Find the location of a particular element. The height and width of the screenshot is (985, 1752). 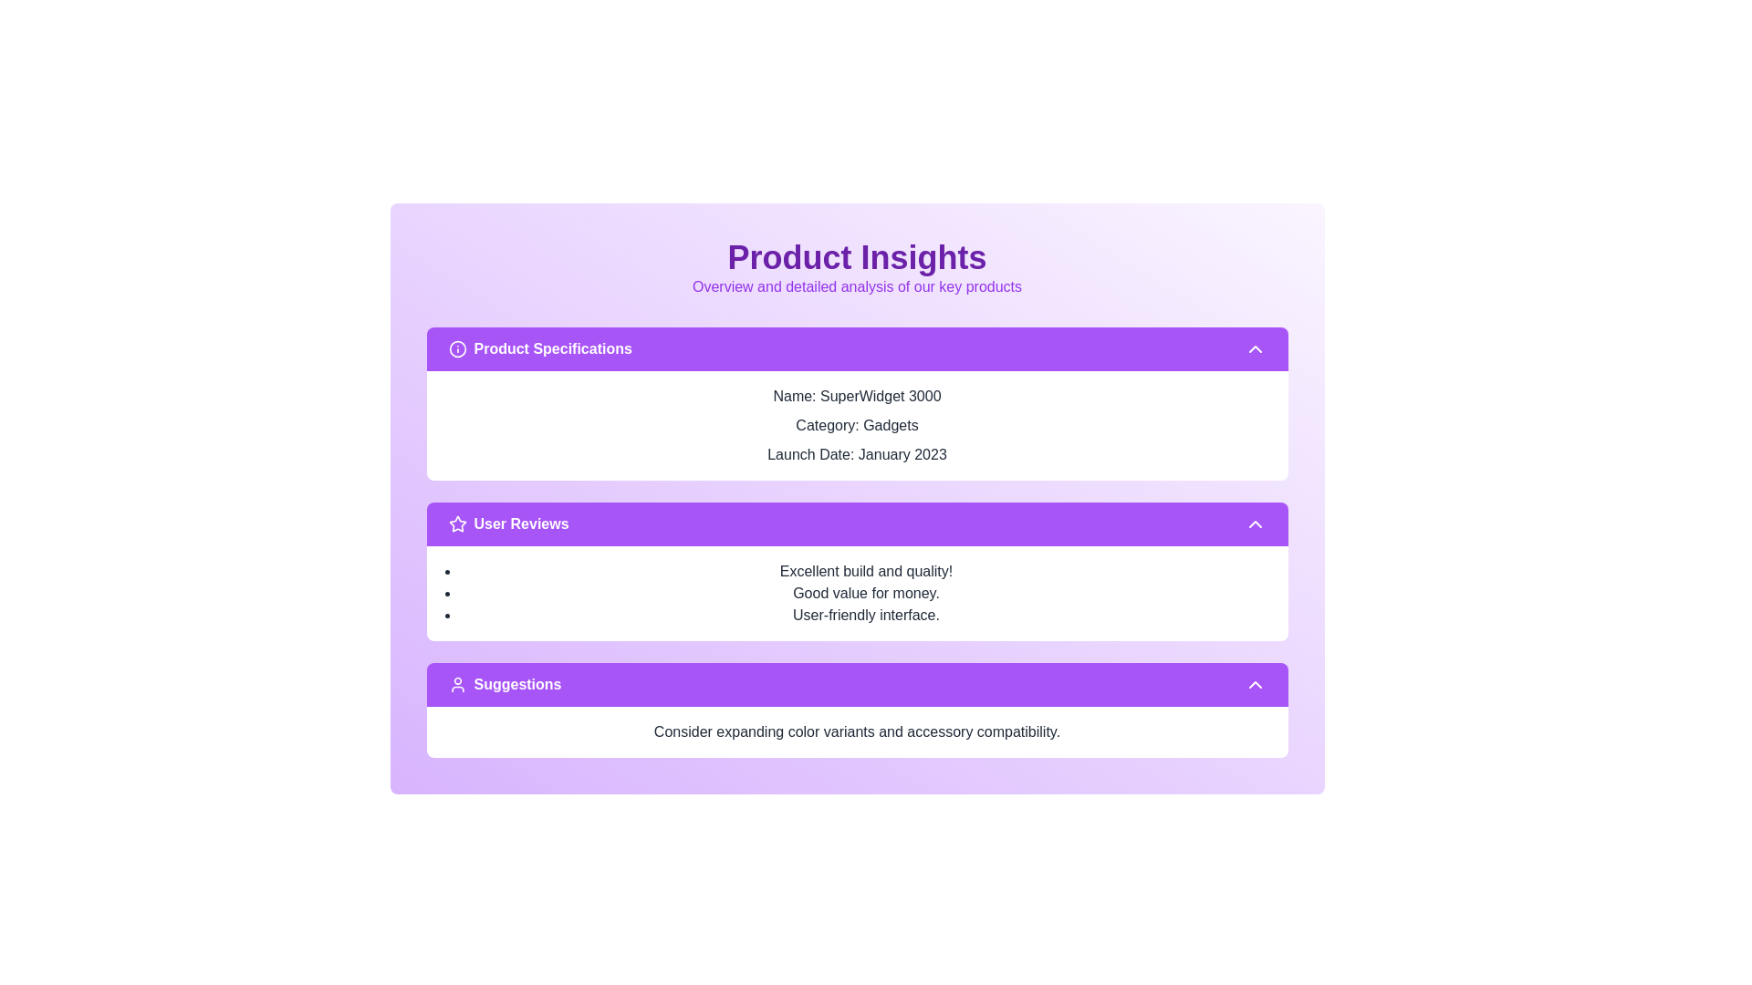

the Chevron-Up icon located on the far-right side of the 'User Reviews' section header is located at coordinates (1254, 524).